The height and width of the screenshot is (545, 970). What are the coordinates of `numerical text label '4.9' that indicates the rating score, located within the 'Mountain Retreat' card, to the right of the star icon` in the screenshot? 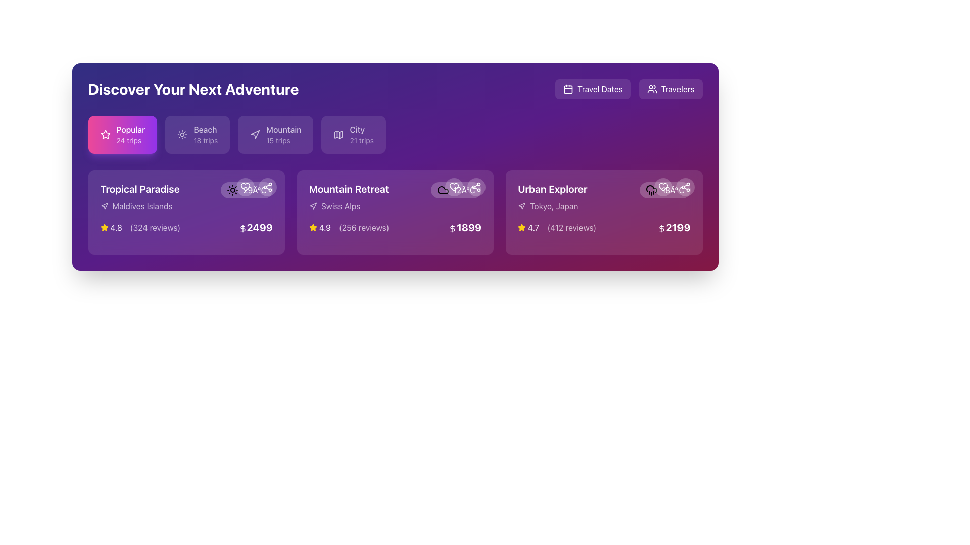 It's located at (325, 228).